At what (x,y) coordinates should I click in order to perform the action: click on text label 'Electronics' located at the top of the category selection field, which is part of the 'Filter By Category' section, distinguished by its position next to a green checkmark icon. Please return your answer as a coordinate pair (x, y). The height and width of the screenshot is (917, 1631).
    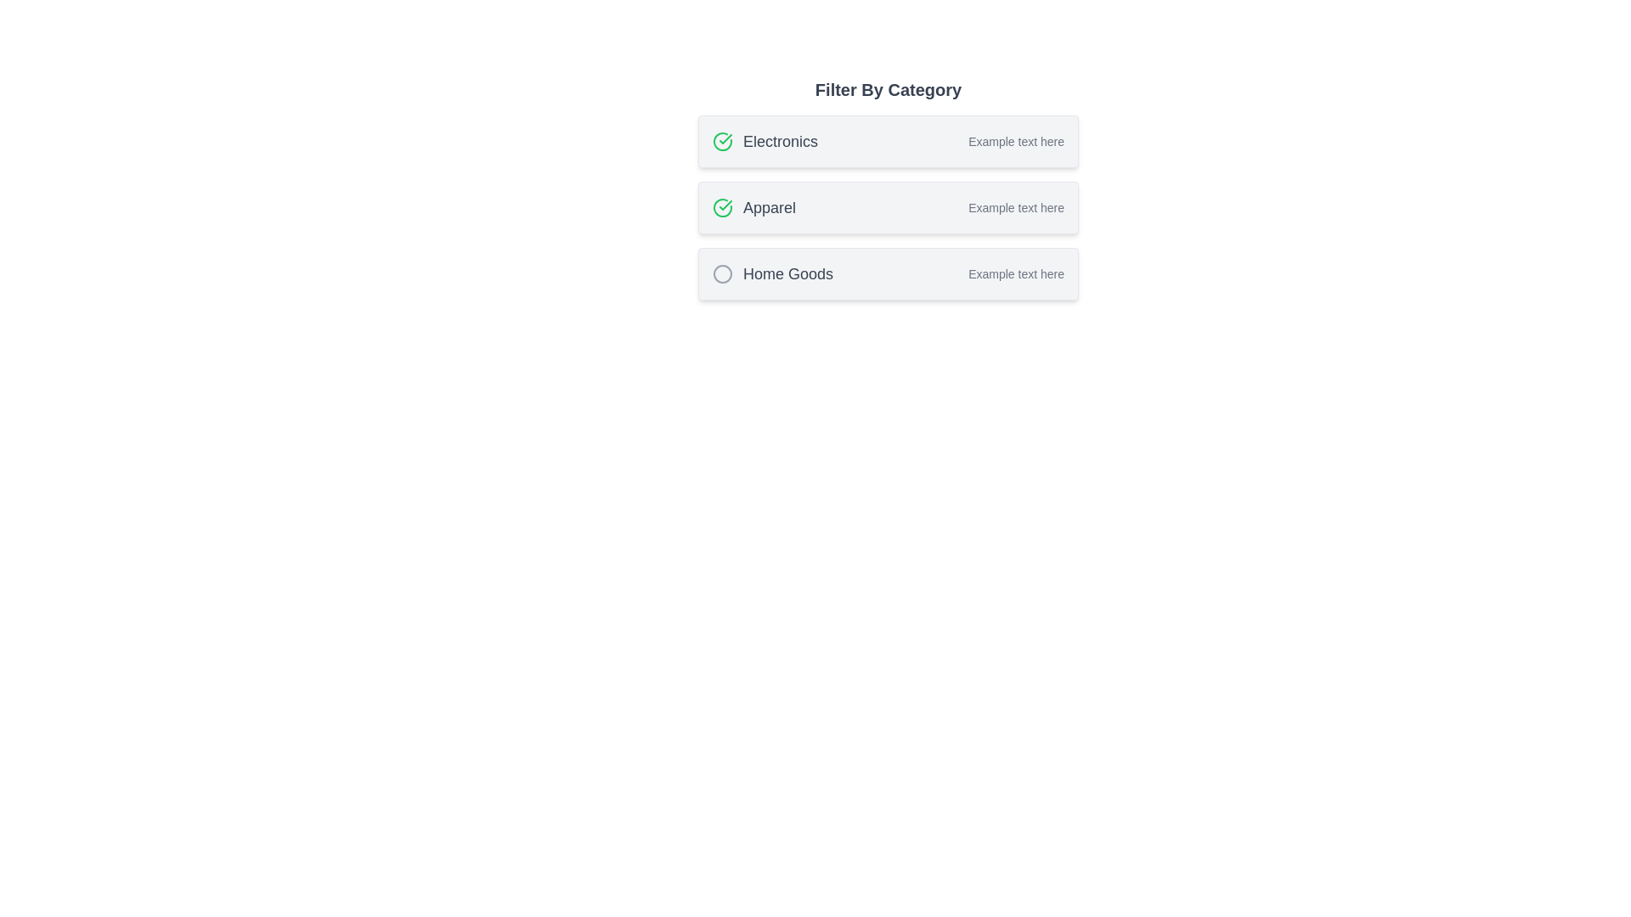
    Looking at the image, I should click on (765, 140).